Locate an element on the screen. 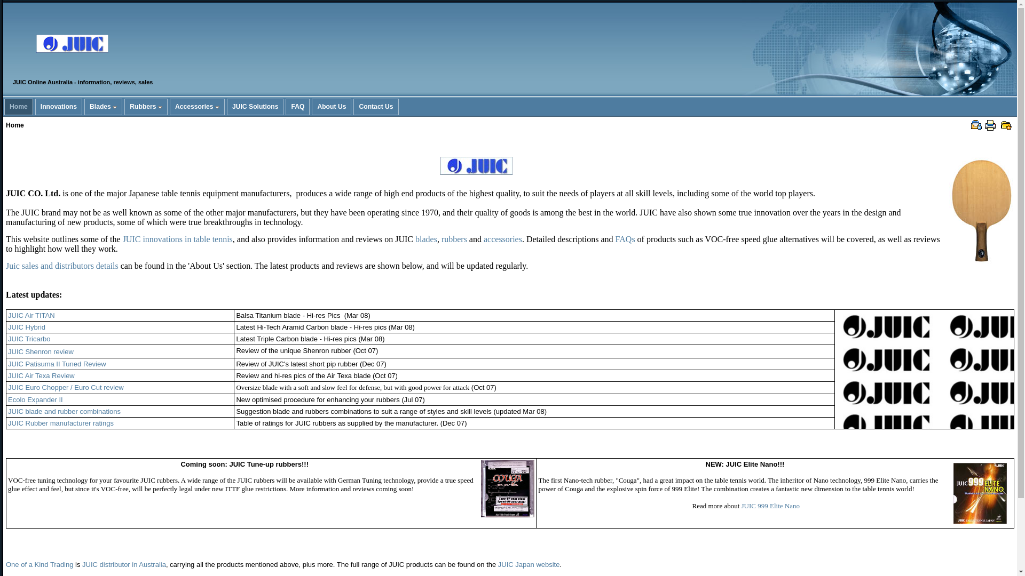  'JUIC Rubber manufacturer ratings ' is located at coordinates (61, 422).